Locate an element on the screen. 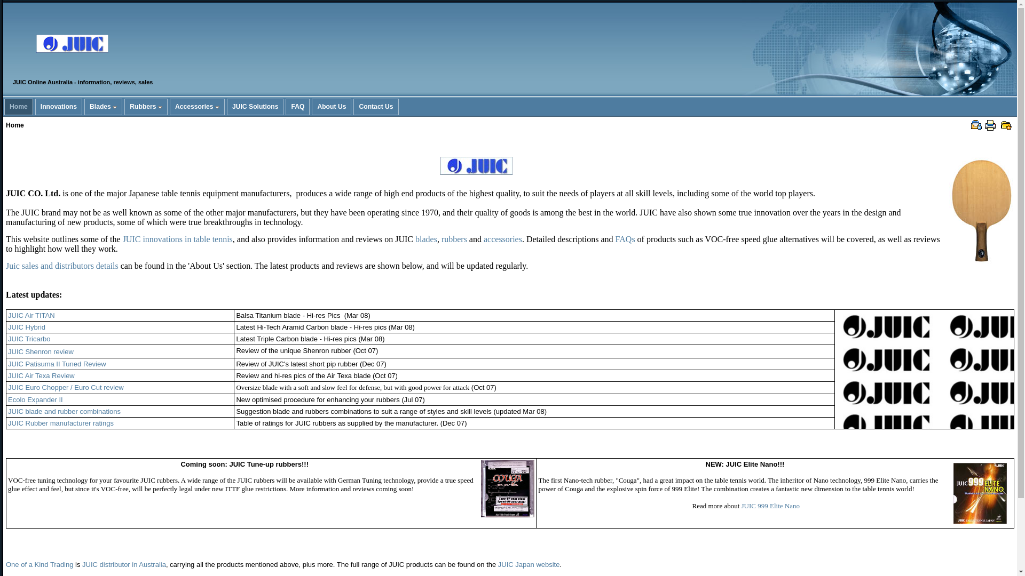  'JUIC Rubber manufacturer ratings ' is located at coordinates (61, 422).